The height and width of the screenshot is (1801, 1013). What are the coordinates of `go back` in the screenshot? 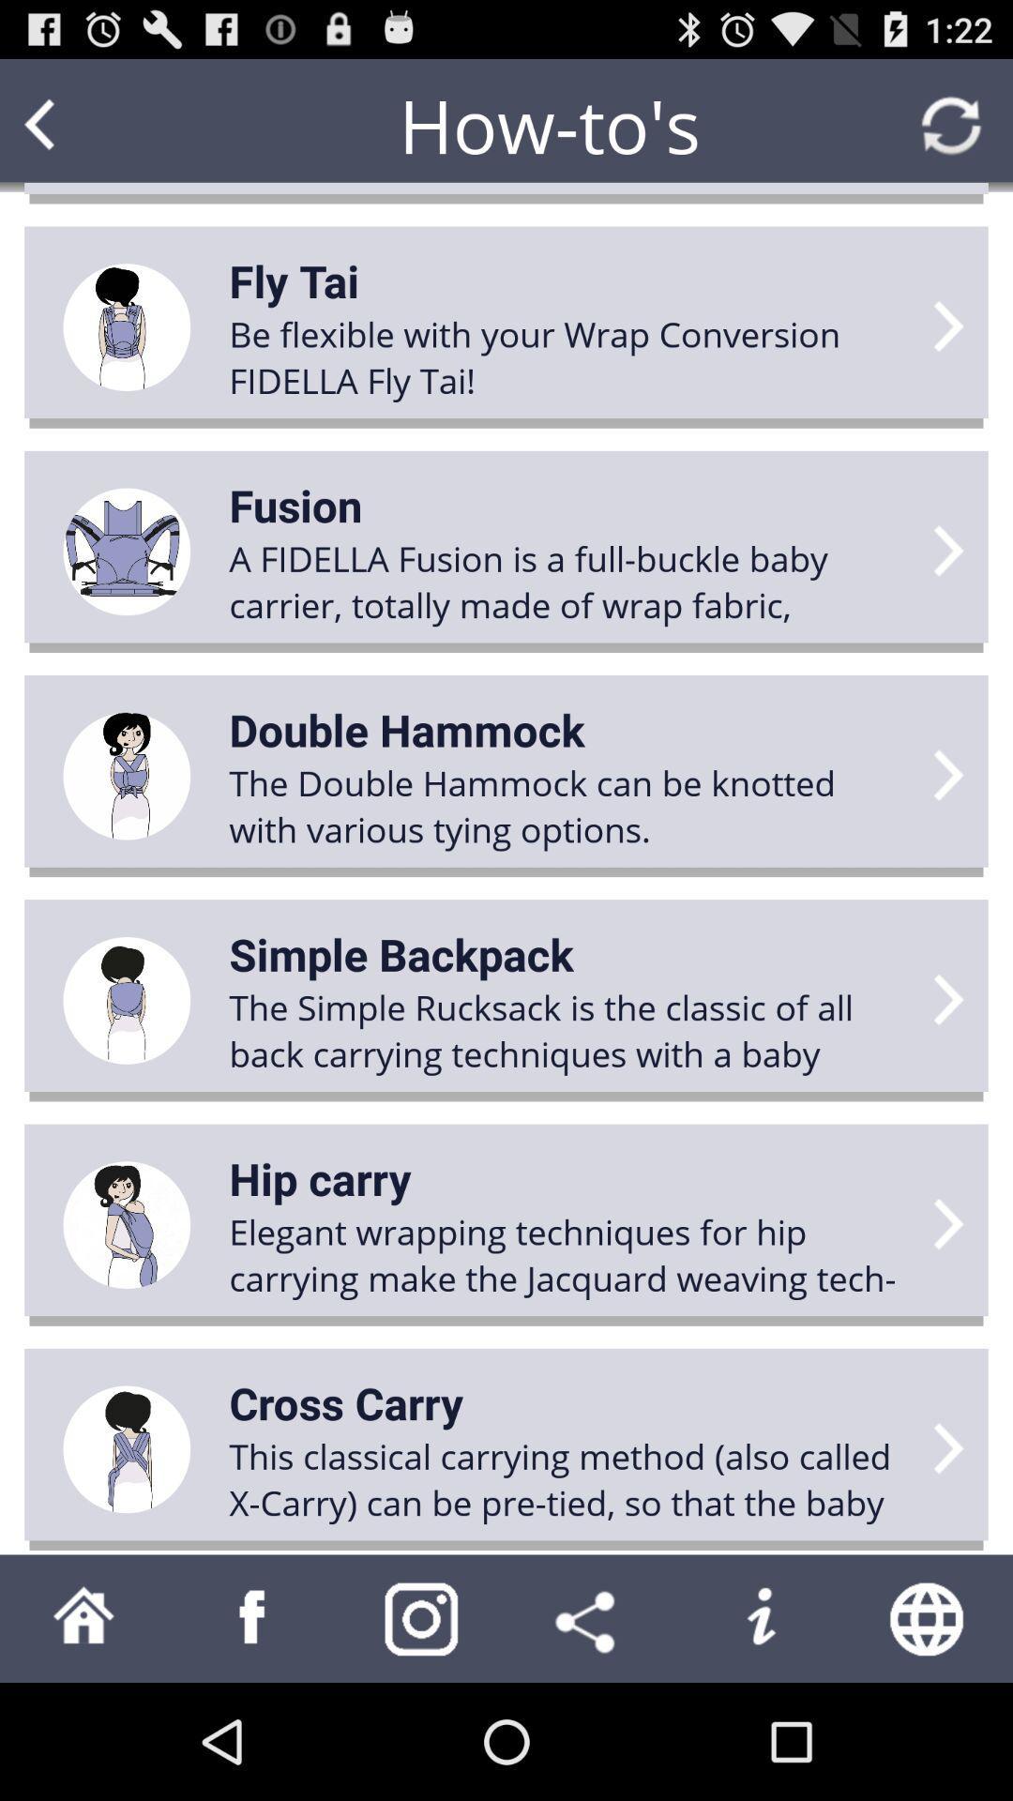 It's located at (75, 124).